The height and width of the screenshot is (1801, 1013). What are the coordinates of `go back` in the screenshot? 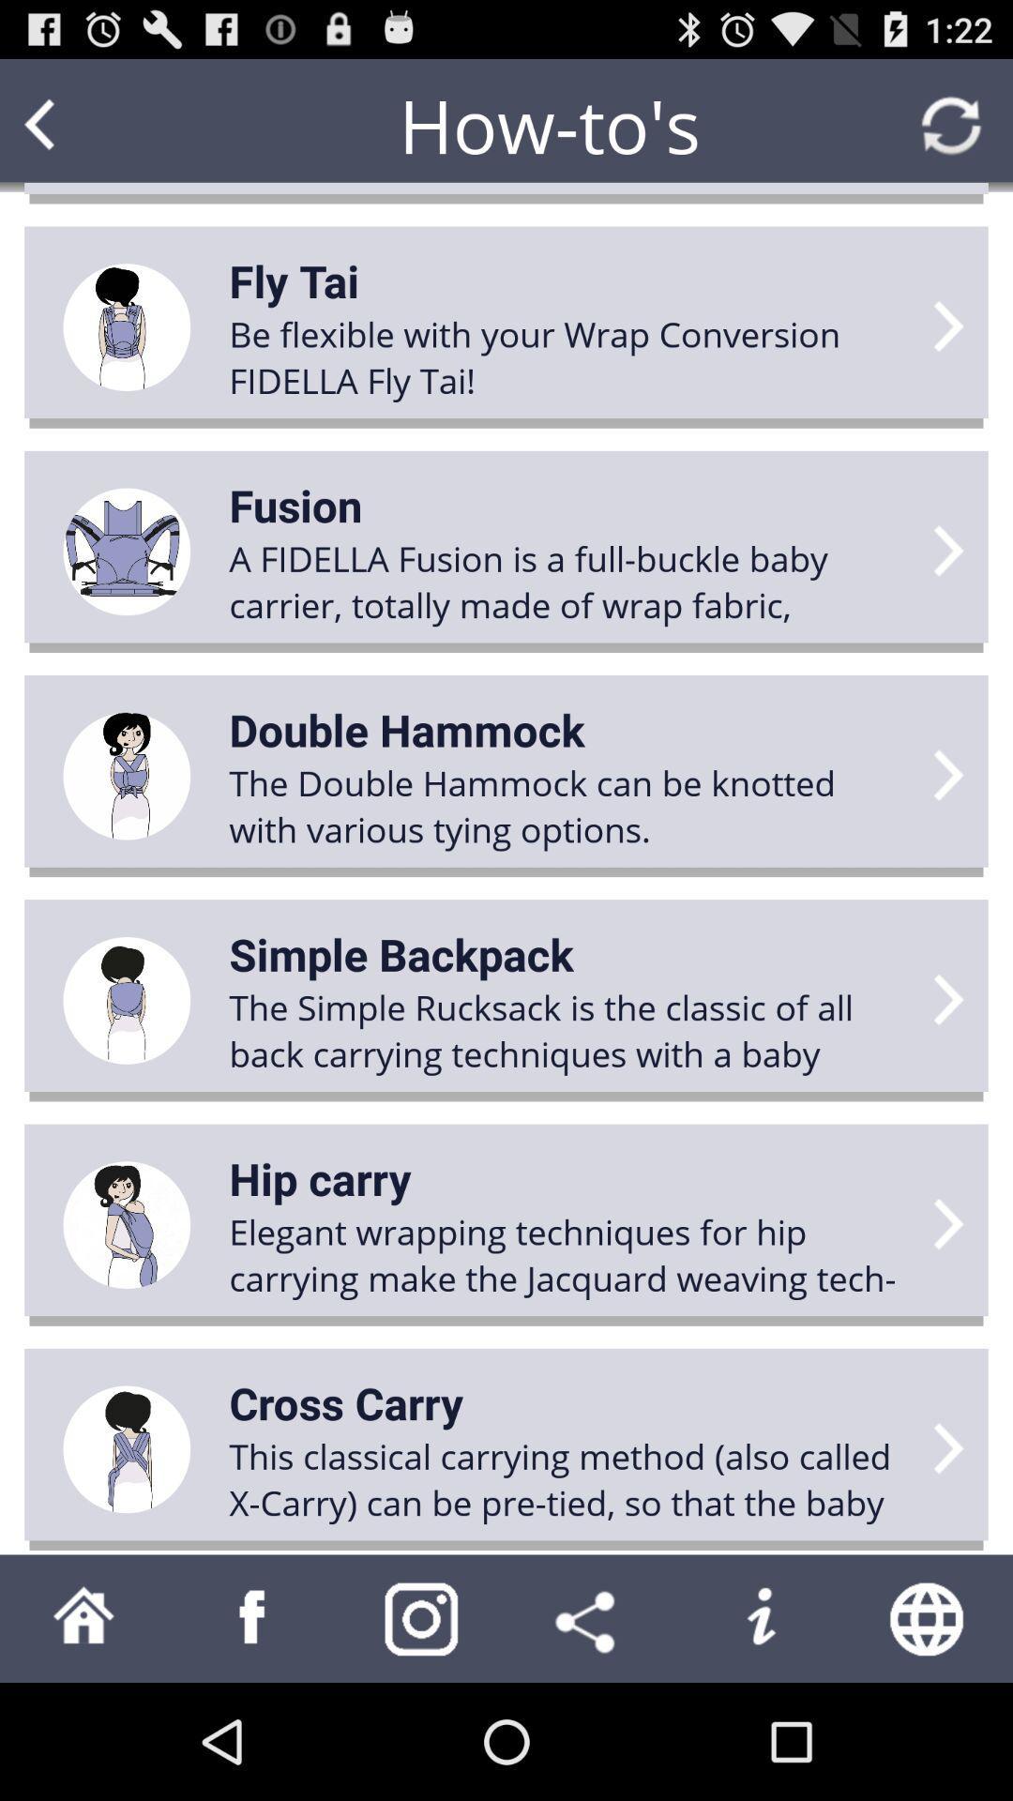 It's located at (75, 124).